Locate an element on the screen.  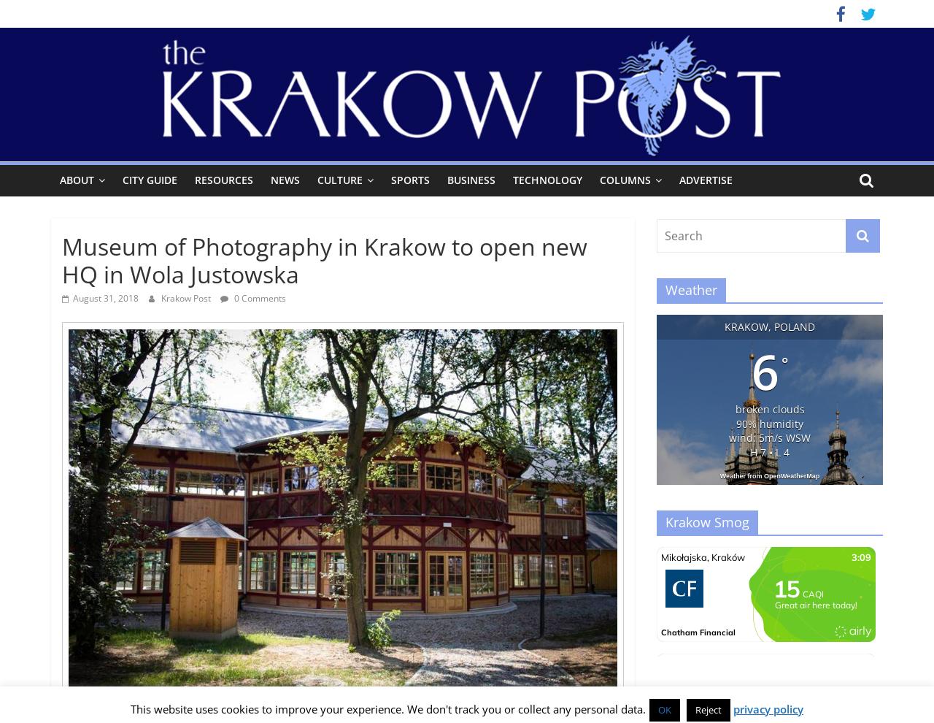
'OK' is located at coordinates (663, 709).